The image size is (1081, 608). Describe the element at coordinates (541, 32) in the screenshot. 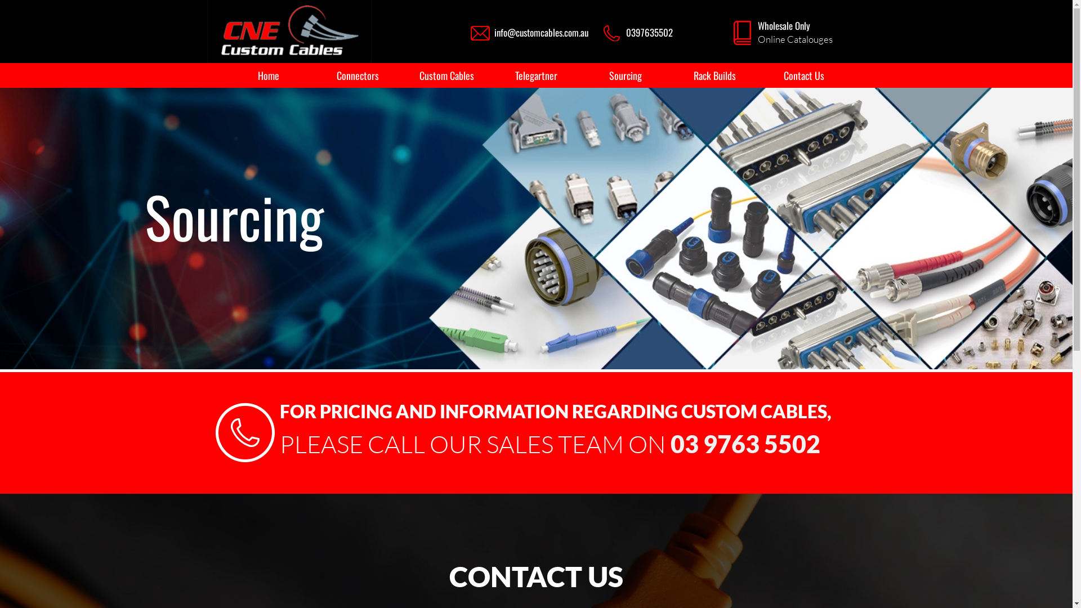

I see `'info@customcables.com.au'` at that location.